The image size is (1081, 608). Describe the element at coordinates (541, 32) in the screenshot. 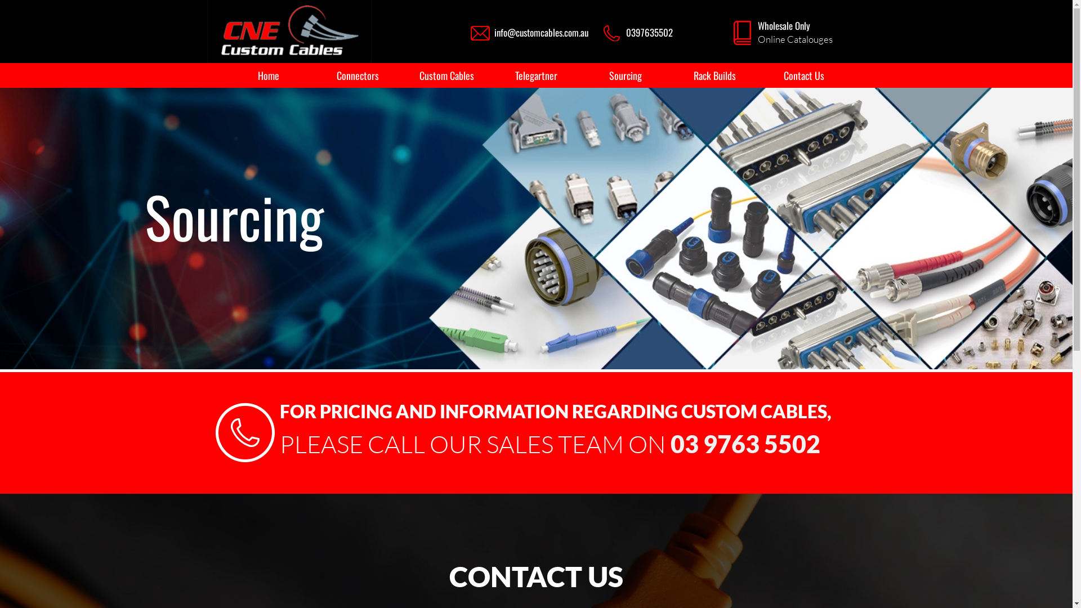

I see `'info@customcables.com.au'` at that location.